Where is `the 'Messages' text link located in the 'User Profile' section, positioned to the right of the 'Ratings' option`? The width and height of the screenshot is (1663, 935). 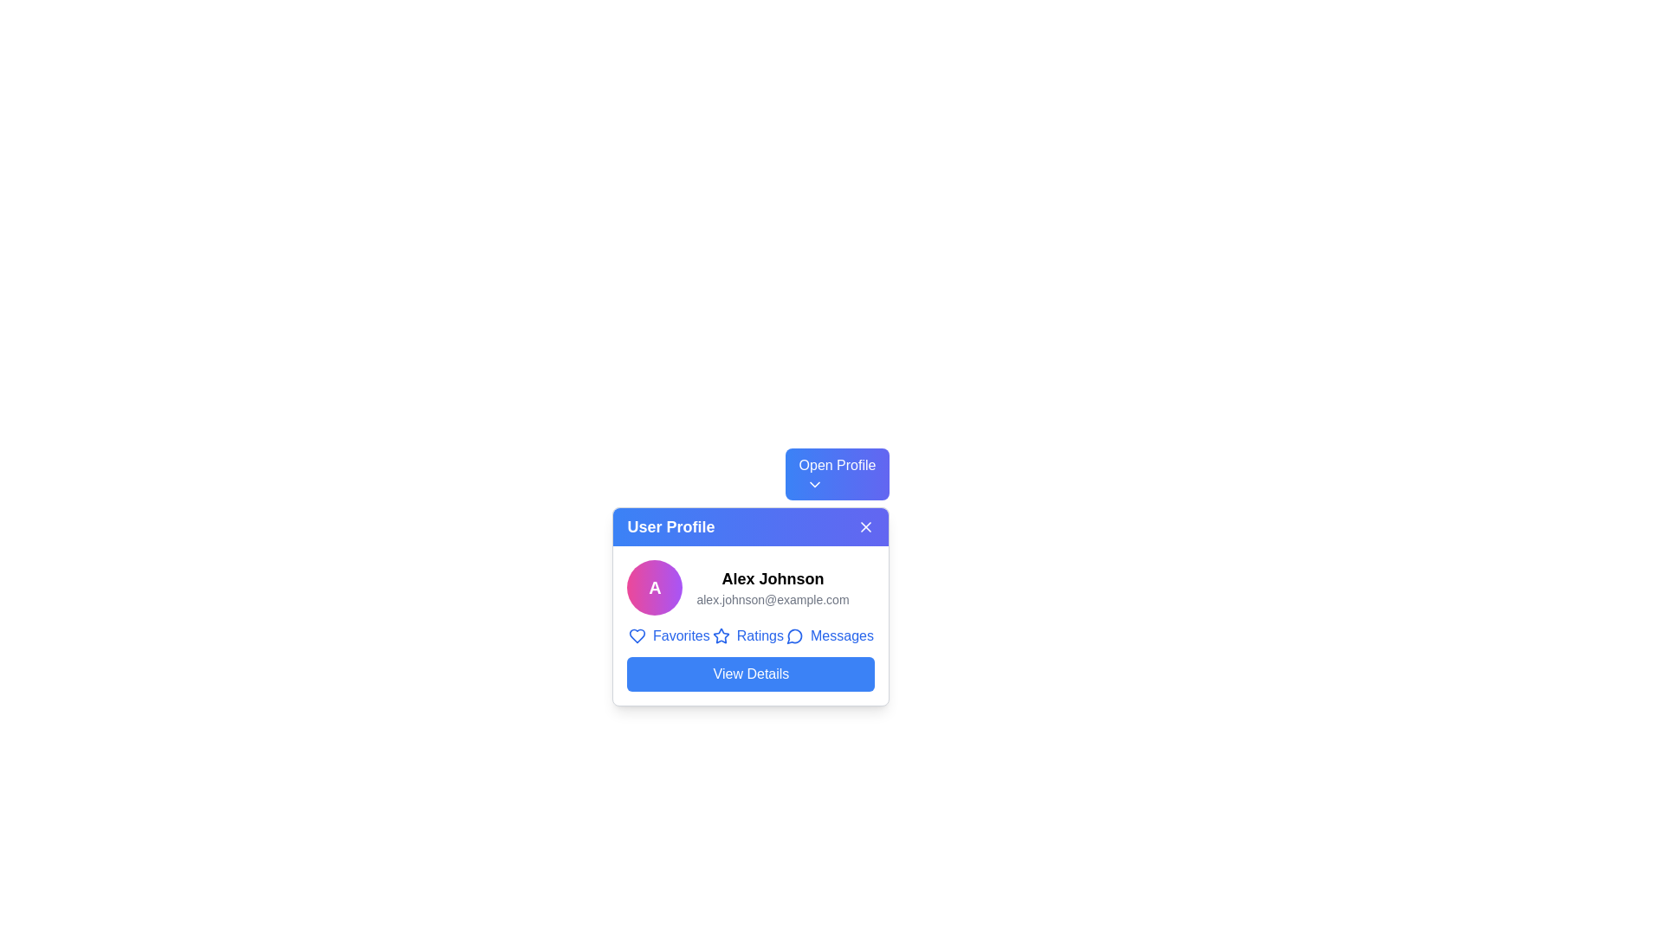
the 'Messages' text link located in the 'User Profile' section, positioned to the right of the 'Ratings' option is located at coordinates (842, 636).